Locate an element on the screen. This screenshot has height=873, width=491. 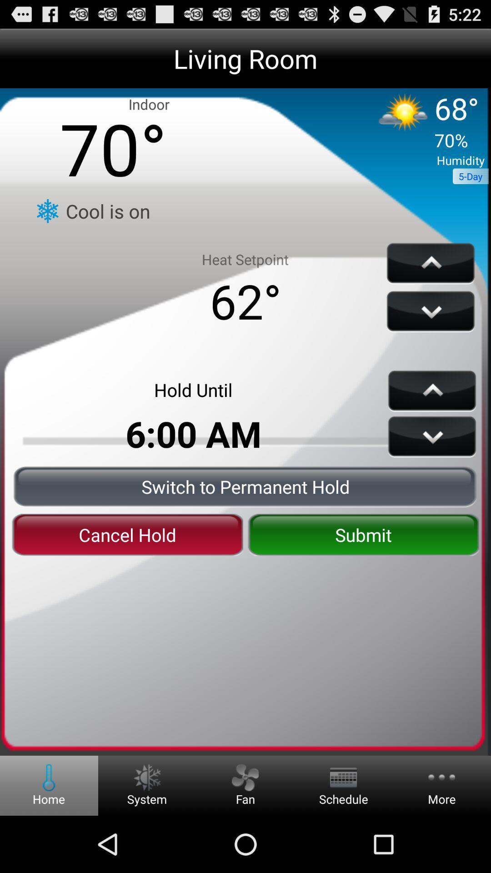
the icon on the left is located at coordinates (127, 535).